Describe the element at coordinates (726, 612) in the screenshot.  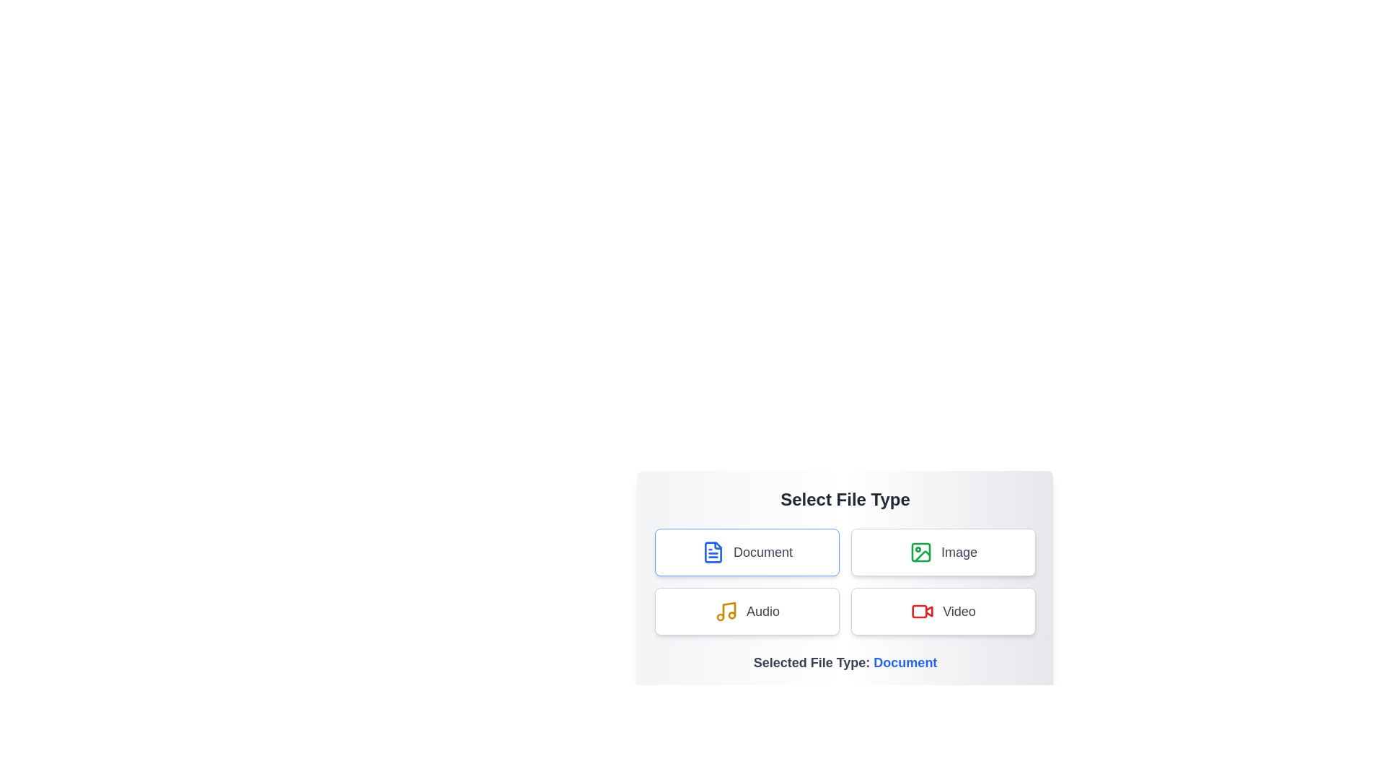
I see `the decorative audio icon located to the left of the 'Audio' label in the lower left part of the 2x2 grid of file type options` at that location.